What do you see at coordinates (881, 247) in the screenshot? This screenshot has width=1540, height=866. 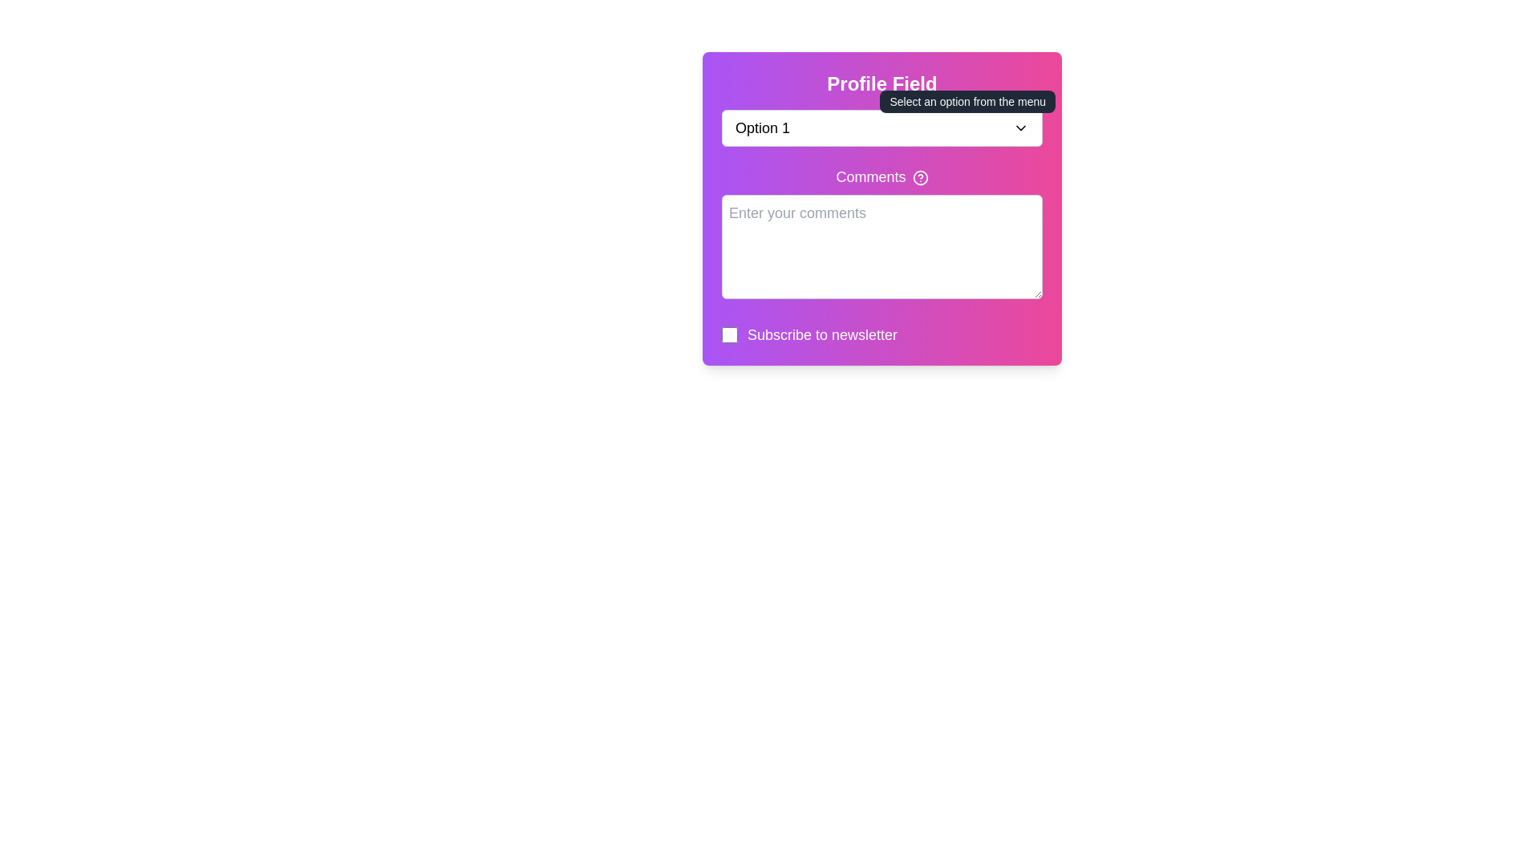 I see `the multiline text input field located below the 'Comments' label to enable text input` at bounding box center [881, 247].